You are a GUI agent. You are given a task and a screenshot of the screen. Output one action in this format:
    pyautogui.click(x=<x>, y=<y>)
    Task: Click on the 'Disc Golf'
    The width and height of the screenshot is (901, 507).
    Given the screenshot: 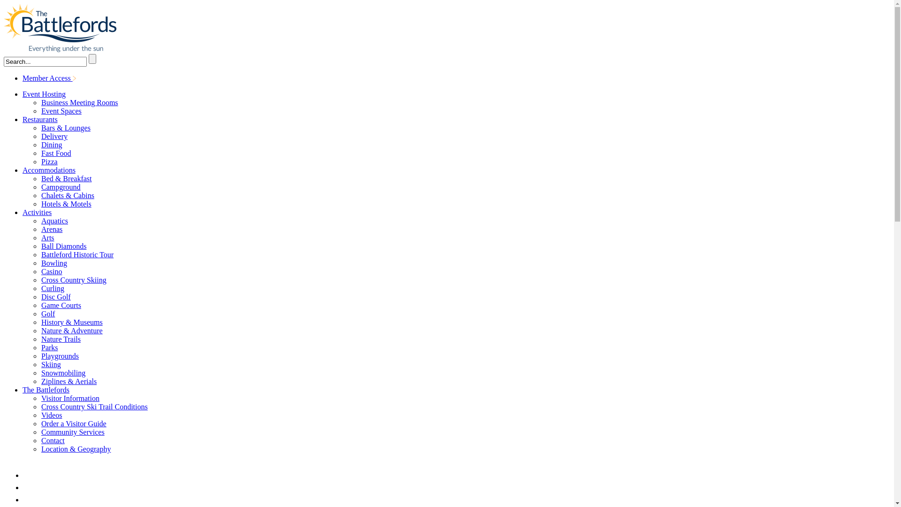 What is the action you would take?
    pyautogui.click(x=40, y=297)
    